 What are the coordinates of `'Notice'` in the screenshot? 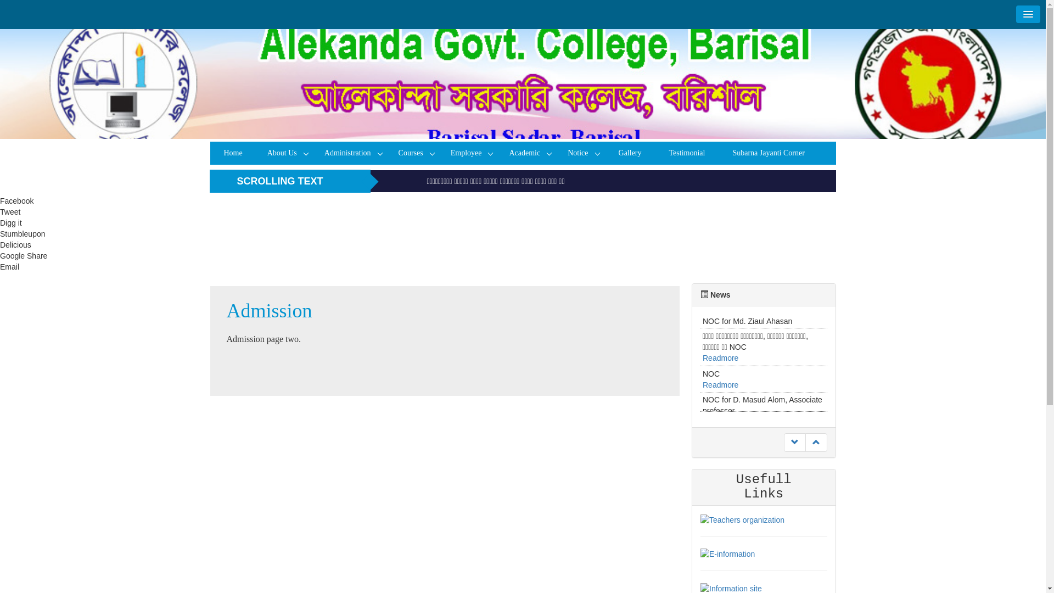 It's located at (580, 153).